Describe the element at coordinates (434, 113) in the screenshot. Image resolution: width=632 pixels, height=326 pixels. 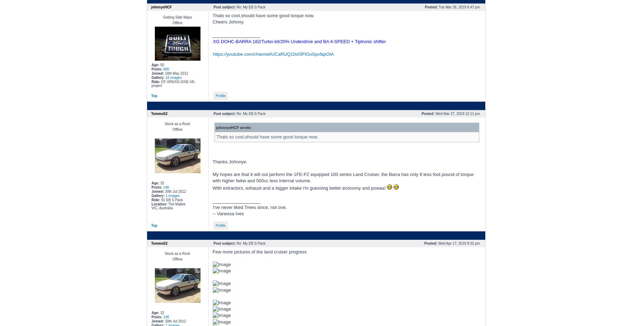
I see `'Wed Mar 27, 2019 12:11 pm'` at that location.